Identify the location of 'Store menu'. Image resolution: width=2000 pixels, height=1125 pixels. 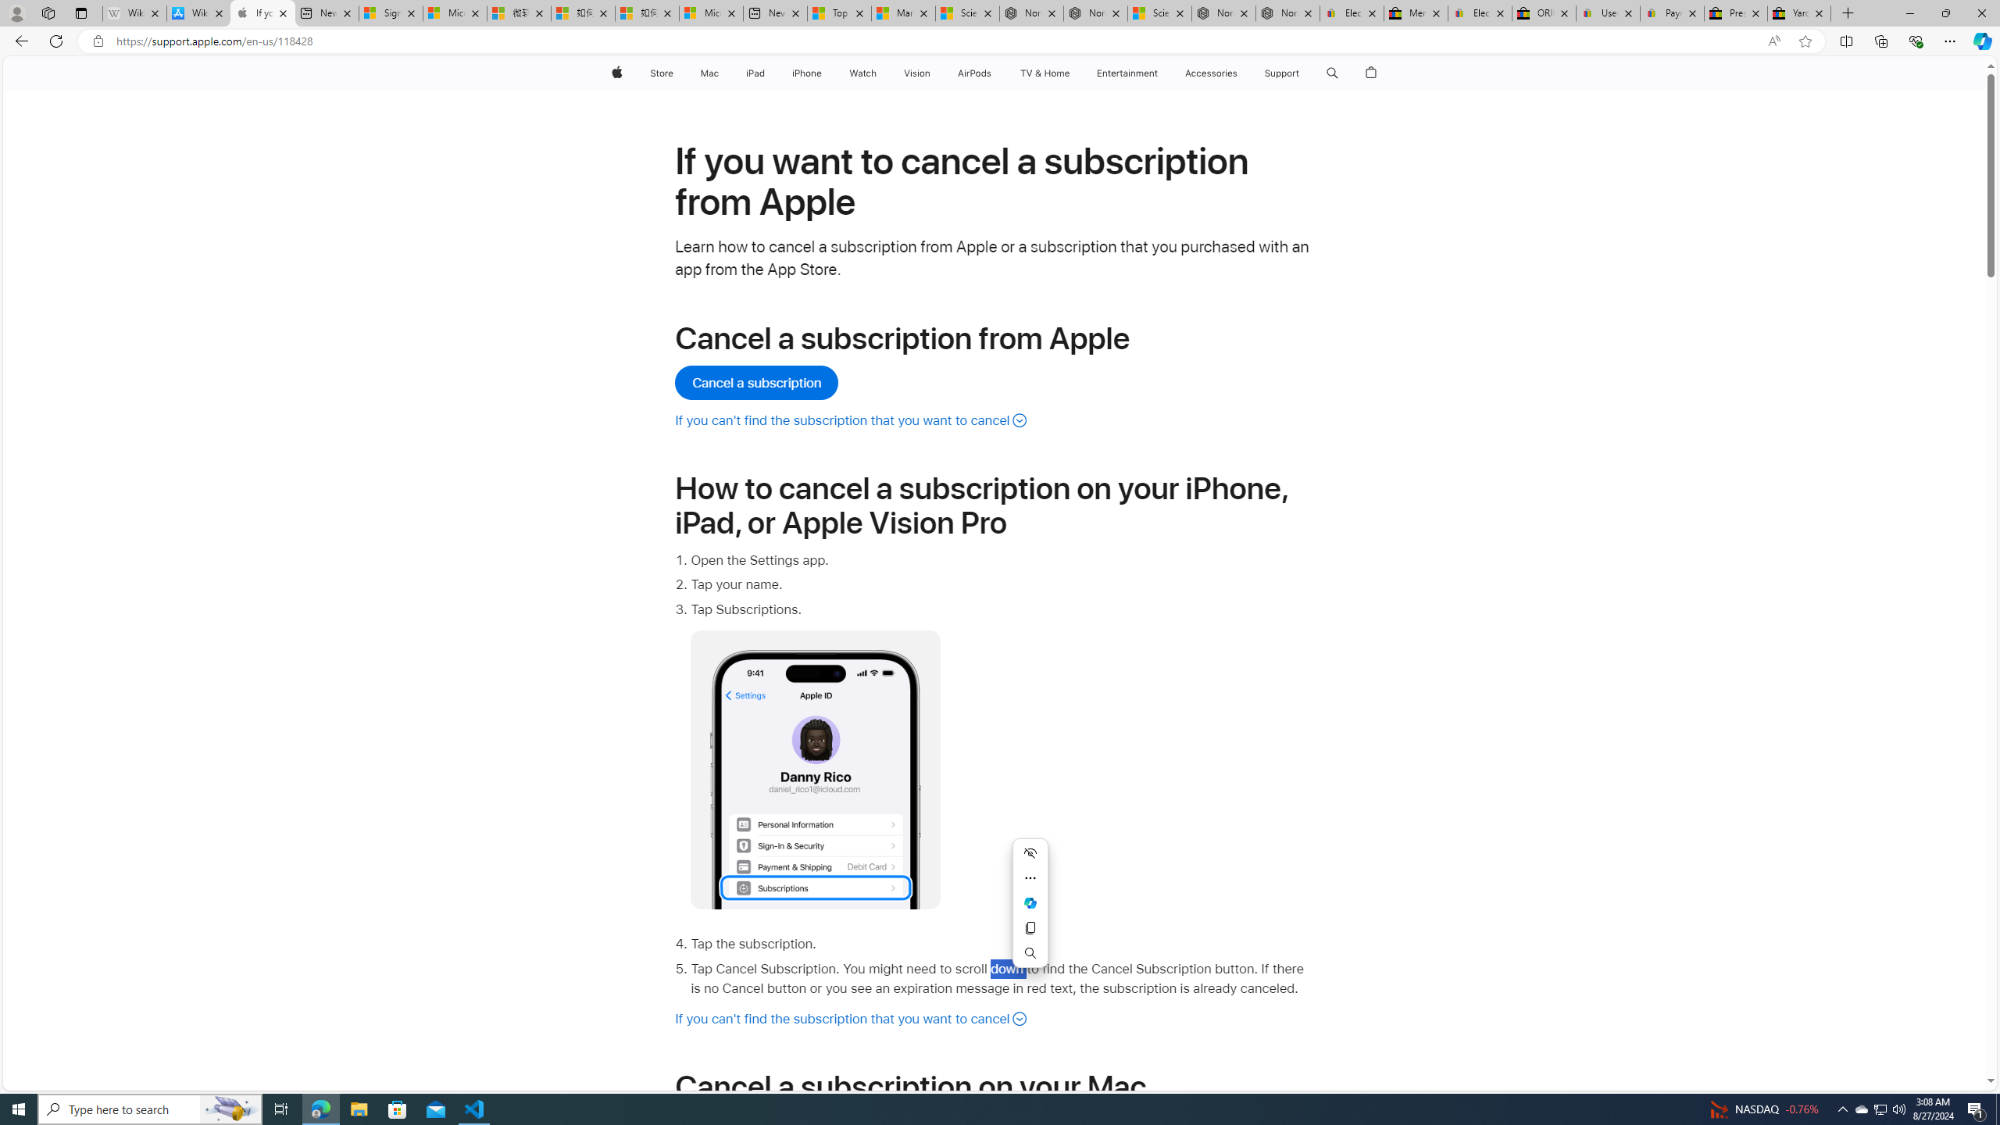
(676, 73).